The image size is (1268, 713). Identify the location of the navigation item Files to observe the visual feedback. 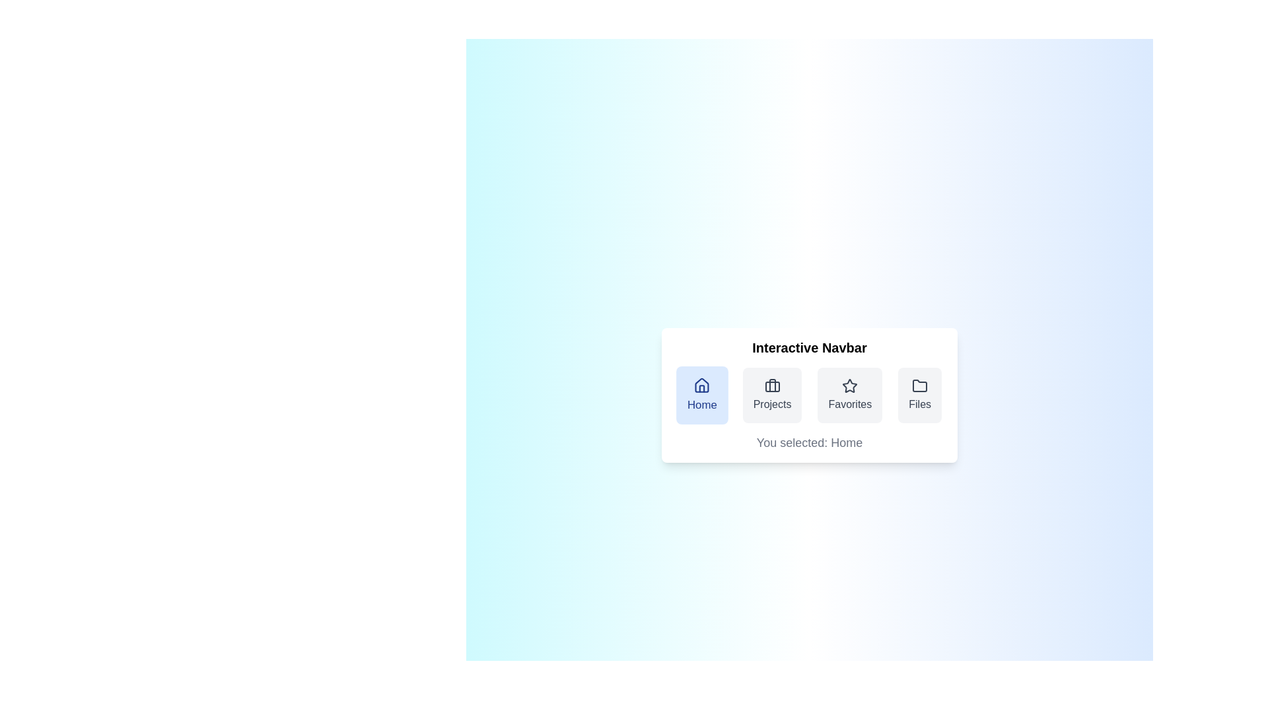
(919, 394).